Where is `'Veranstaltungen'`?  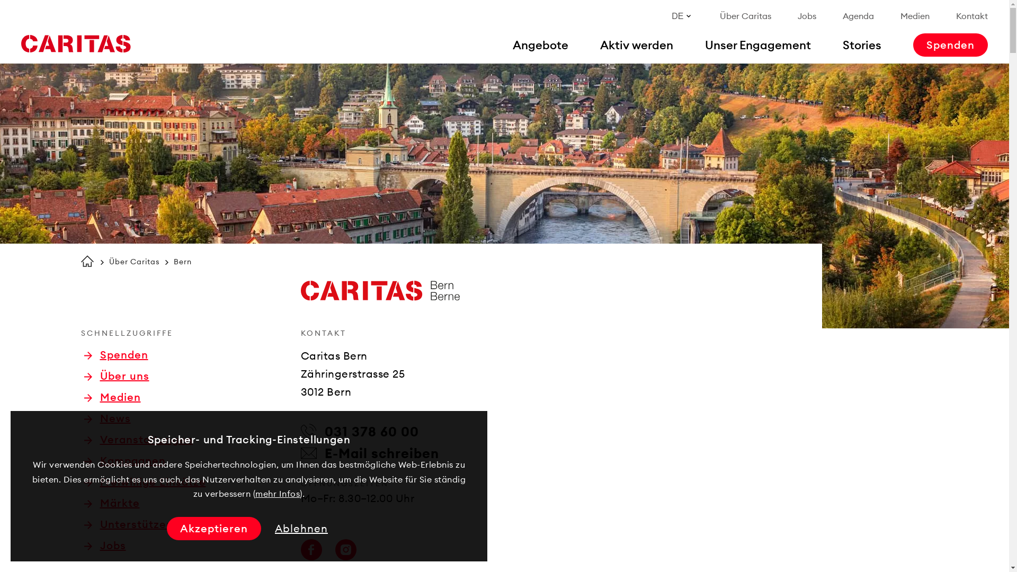 'Veranstaltungen' is located at coordinates (137, 439).